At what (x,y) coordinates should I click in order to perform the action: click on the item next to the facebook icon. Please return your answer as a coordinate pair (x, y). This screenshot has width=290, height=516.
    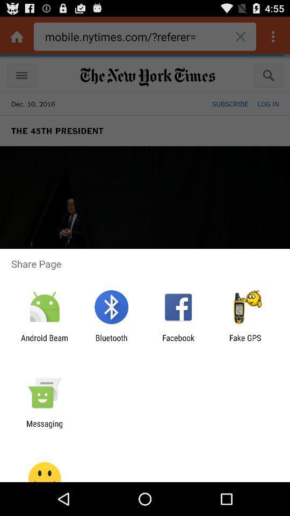
    Looking at the image, I should click on (111, 342).